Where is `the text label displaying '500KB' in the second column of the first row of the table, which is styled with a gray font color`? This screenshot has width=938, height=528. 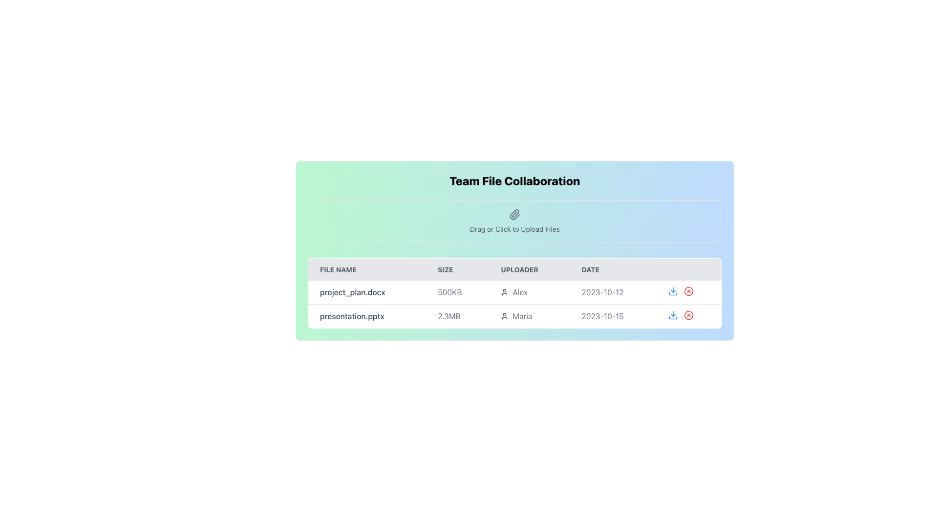 the text label displaying '500KB' in the second column of the first row of the table, which is styled with a gray font color is located at coordinates (457, 292).